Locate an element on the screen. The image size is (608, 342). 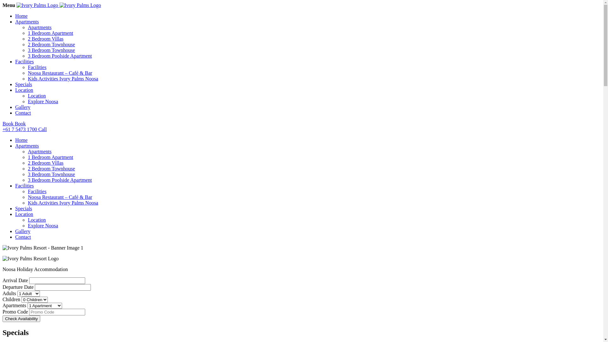
'Apartments' is located at coordinates (39, 27).